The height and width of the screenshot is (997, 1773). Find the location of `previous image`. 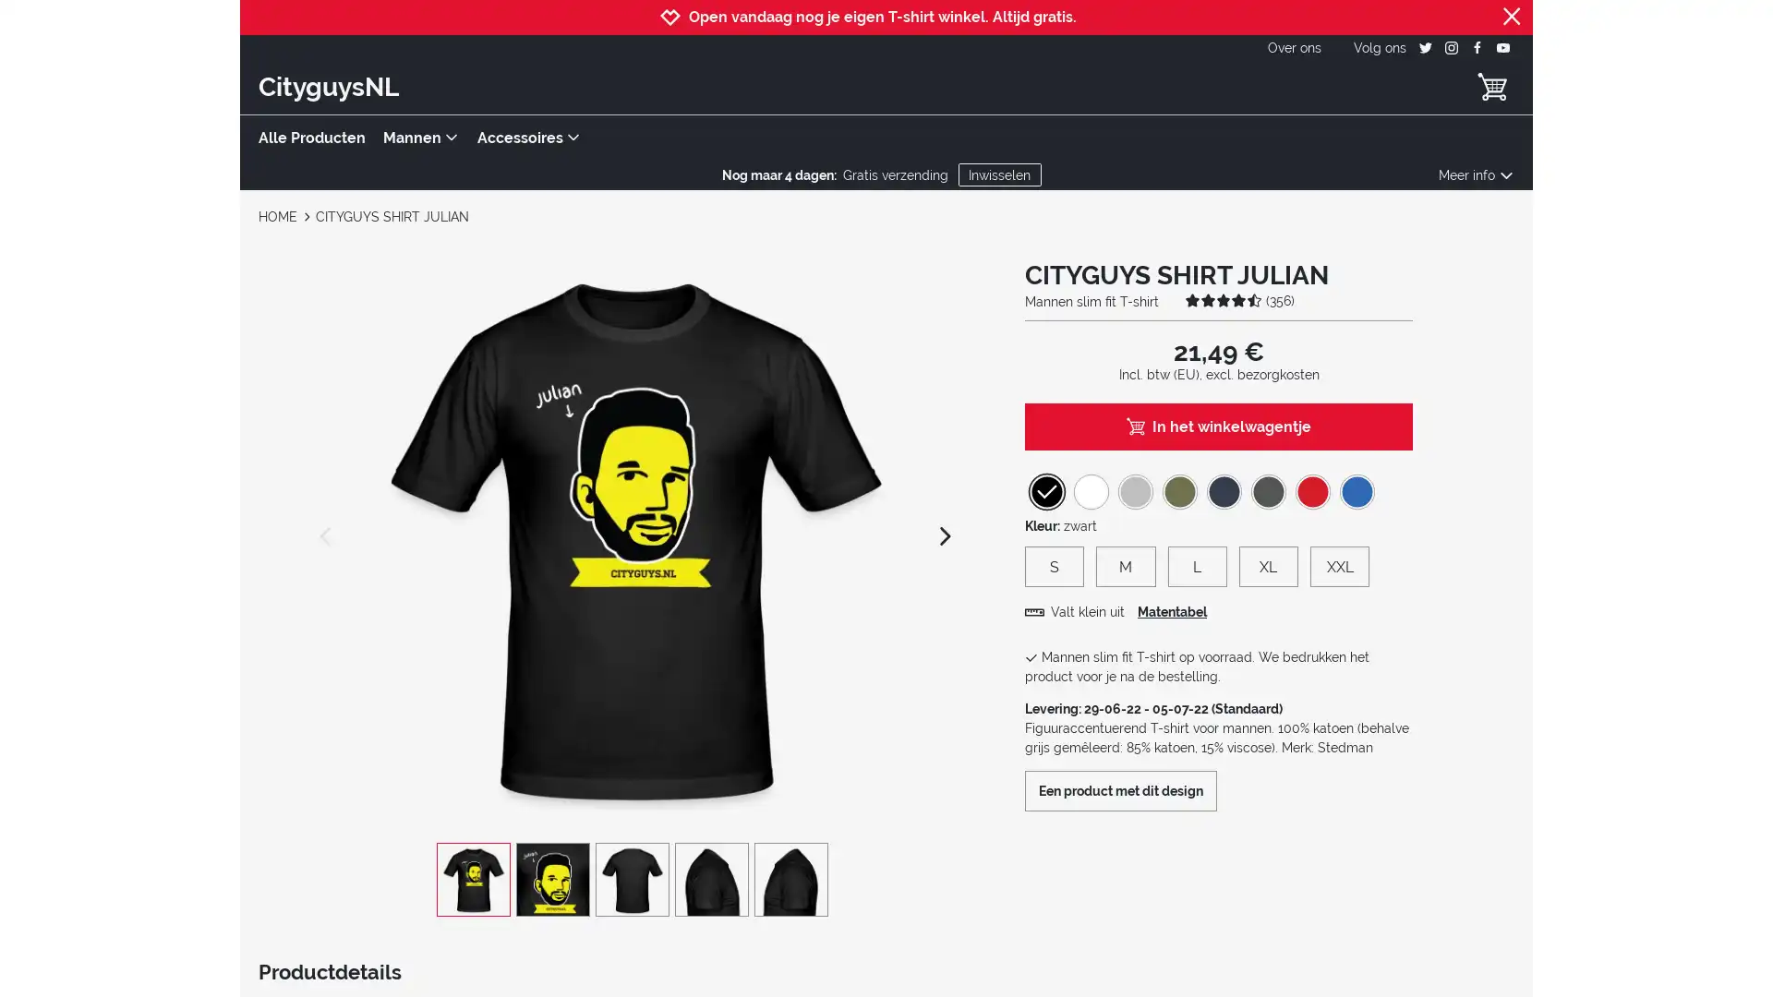

previous image is located at coordinates (327, 535).